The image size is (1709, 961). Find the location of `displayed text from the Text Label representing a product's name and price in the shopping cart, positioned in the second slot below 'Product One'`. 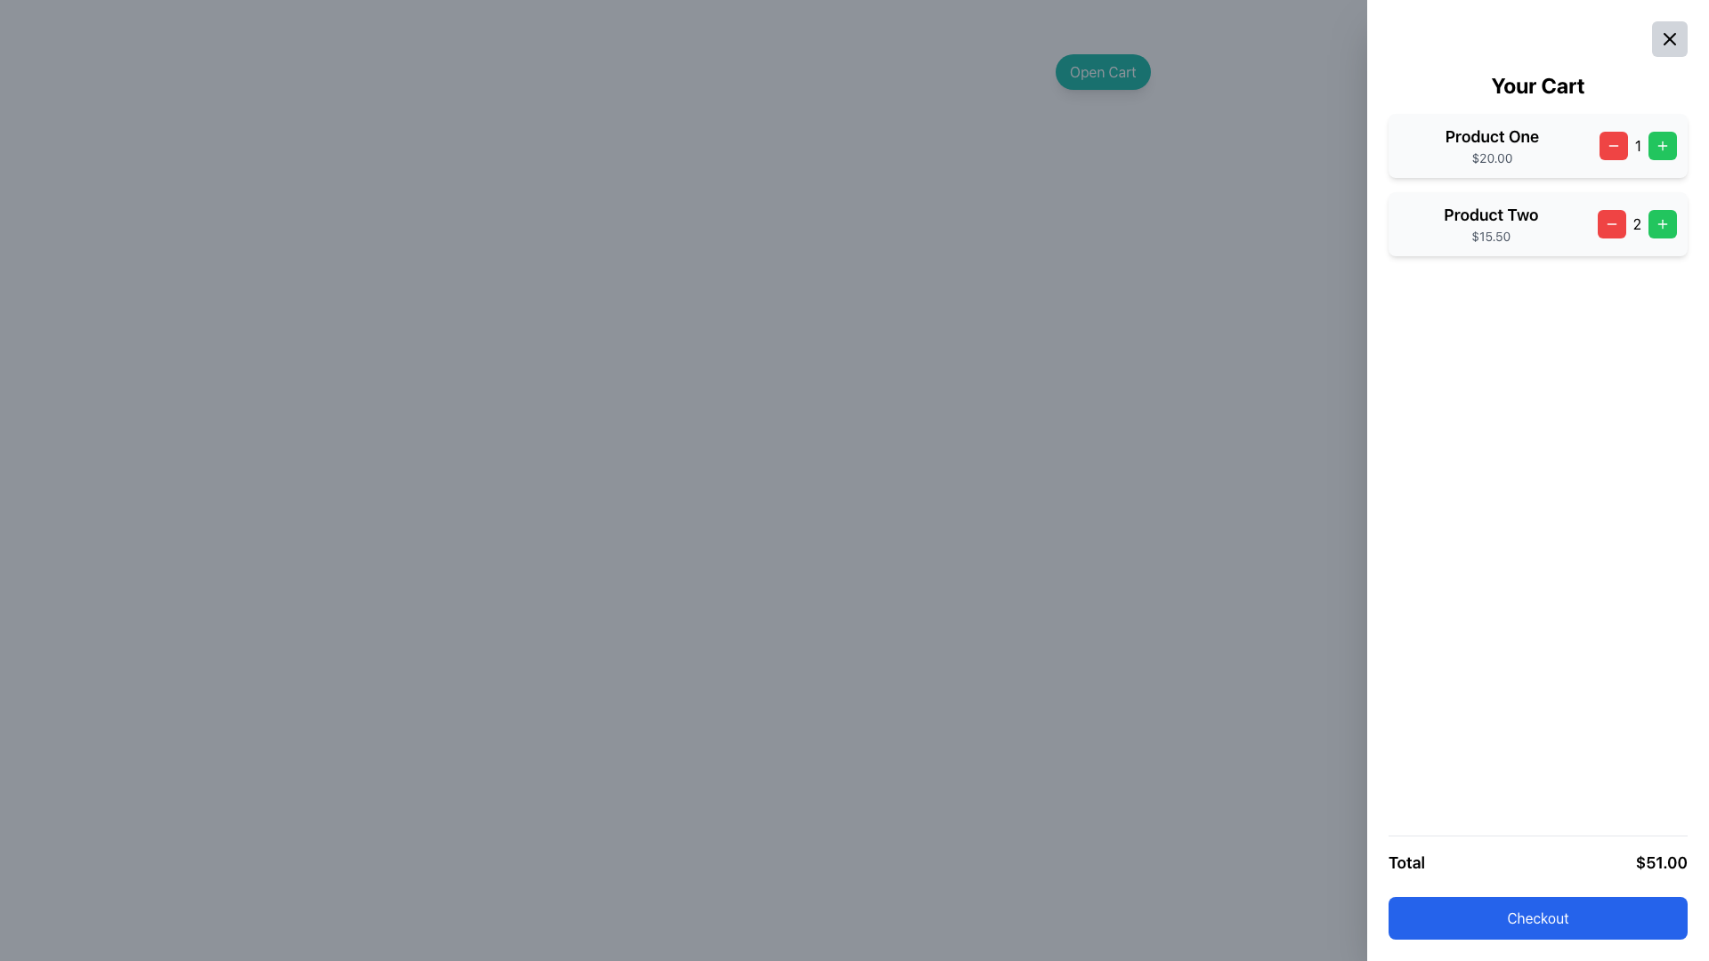

displayed text from the Text Label representing a product's name and price in the shopping cart, positioned in the second slot below 'Product One' is located at coordinates (1491, 222).